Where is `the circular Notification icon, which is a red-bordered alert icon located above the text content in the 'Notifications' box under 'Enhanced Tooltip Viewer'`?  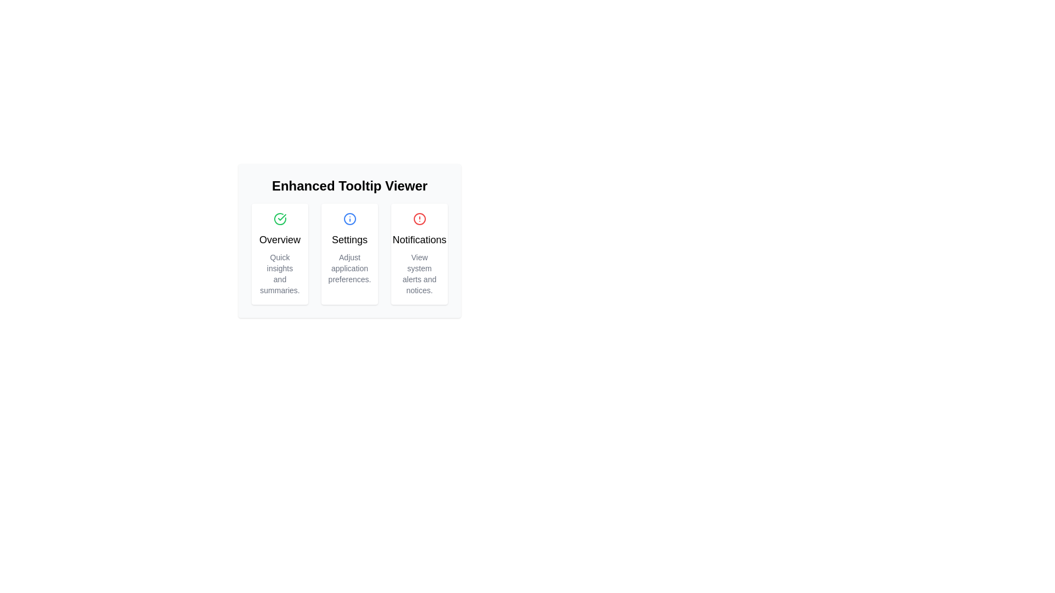 the circular Notification icon, which is a red-bordered alert icon located above the text content in the 'Notifications' box under 'Enhanced Tooltip Viewer' is located at coordinates (419, 219).